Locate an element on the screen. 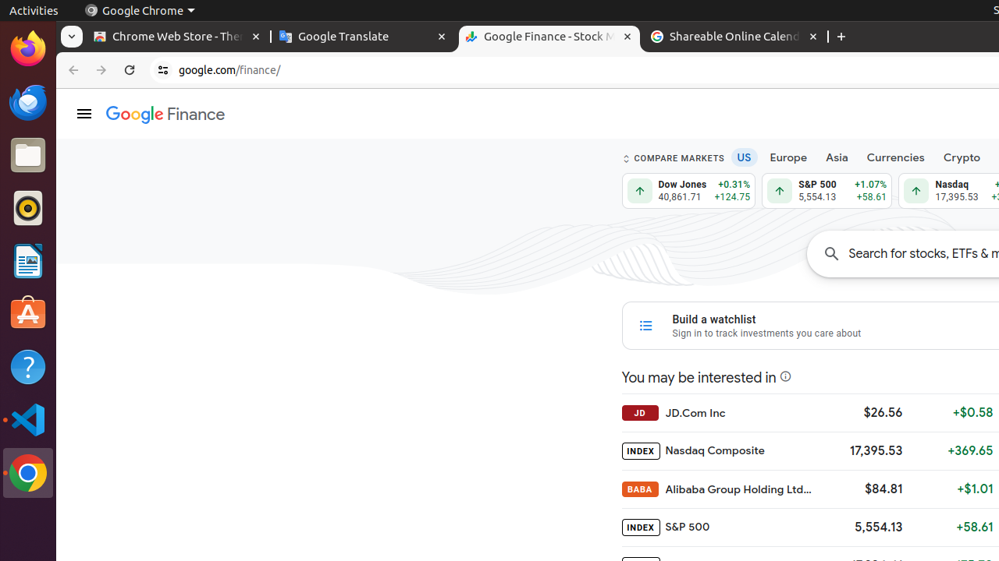 Image resolution: width=999 pixels, height=561 pixels. 'Currencies' is located at coordinates (895, 157).